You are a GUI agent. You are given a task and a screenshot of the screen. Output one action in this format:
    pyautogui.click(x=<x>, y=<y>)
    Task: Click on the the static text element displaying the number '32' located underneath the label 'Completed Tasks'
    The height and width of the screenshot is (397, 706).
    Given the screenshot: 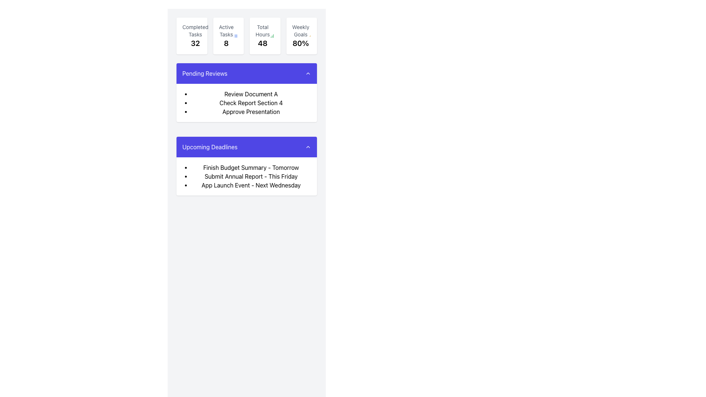 What is the action you would take?
    pyautogui.click(x=195, y=43)
    